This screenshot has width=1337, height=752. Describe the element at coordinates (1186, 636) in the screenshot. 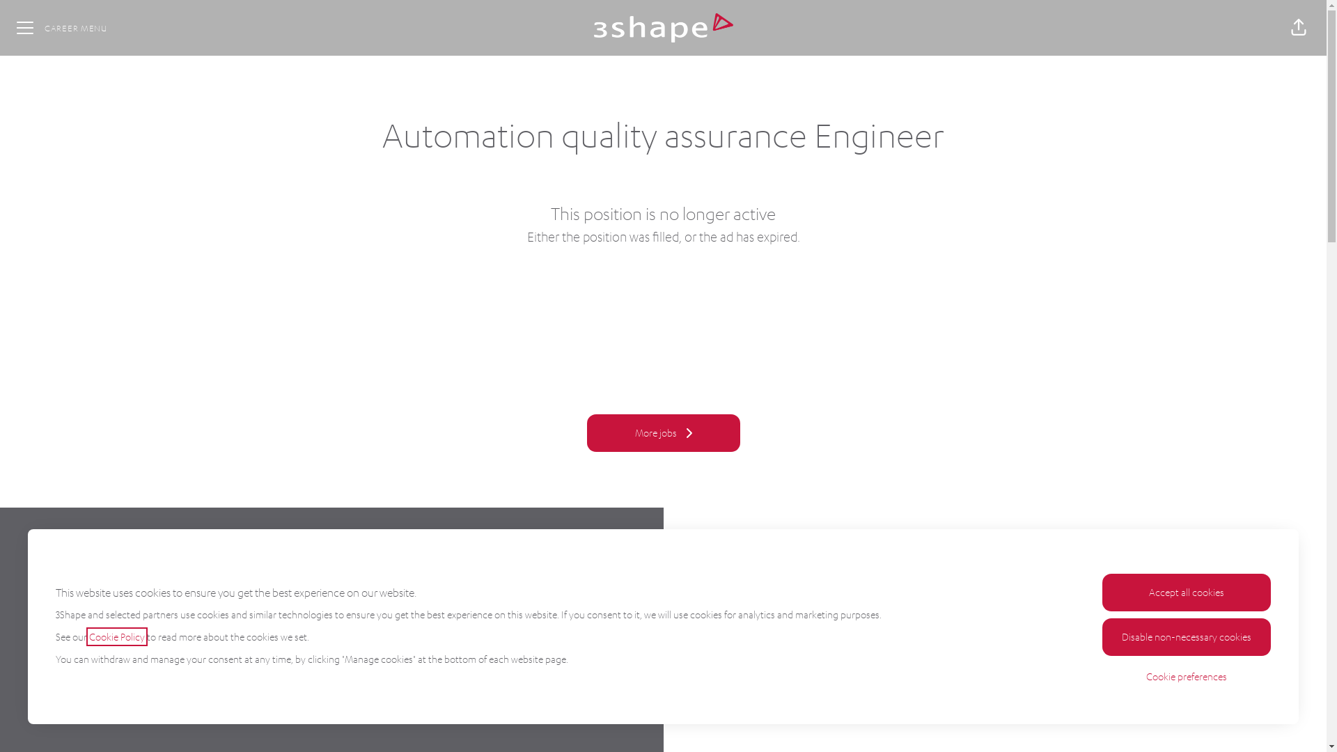

I see `'Disable non-necessary cookies'` at that location.